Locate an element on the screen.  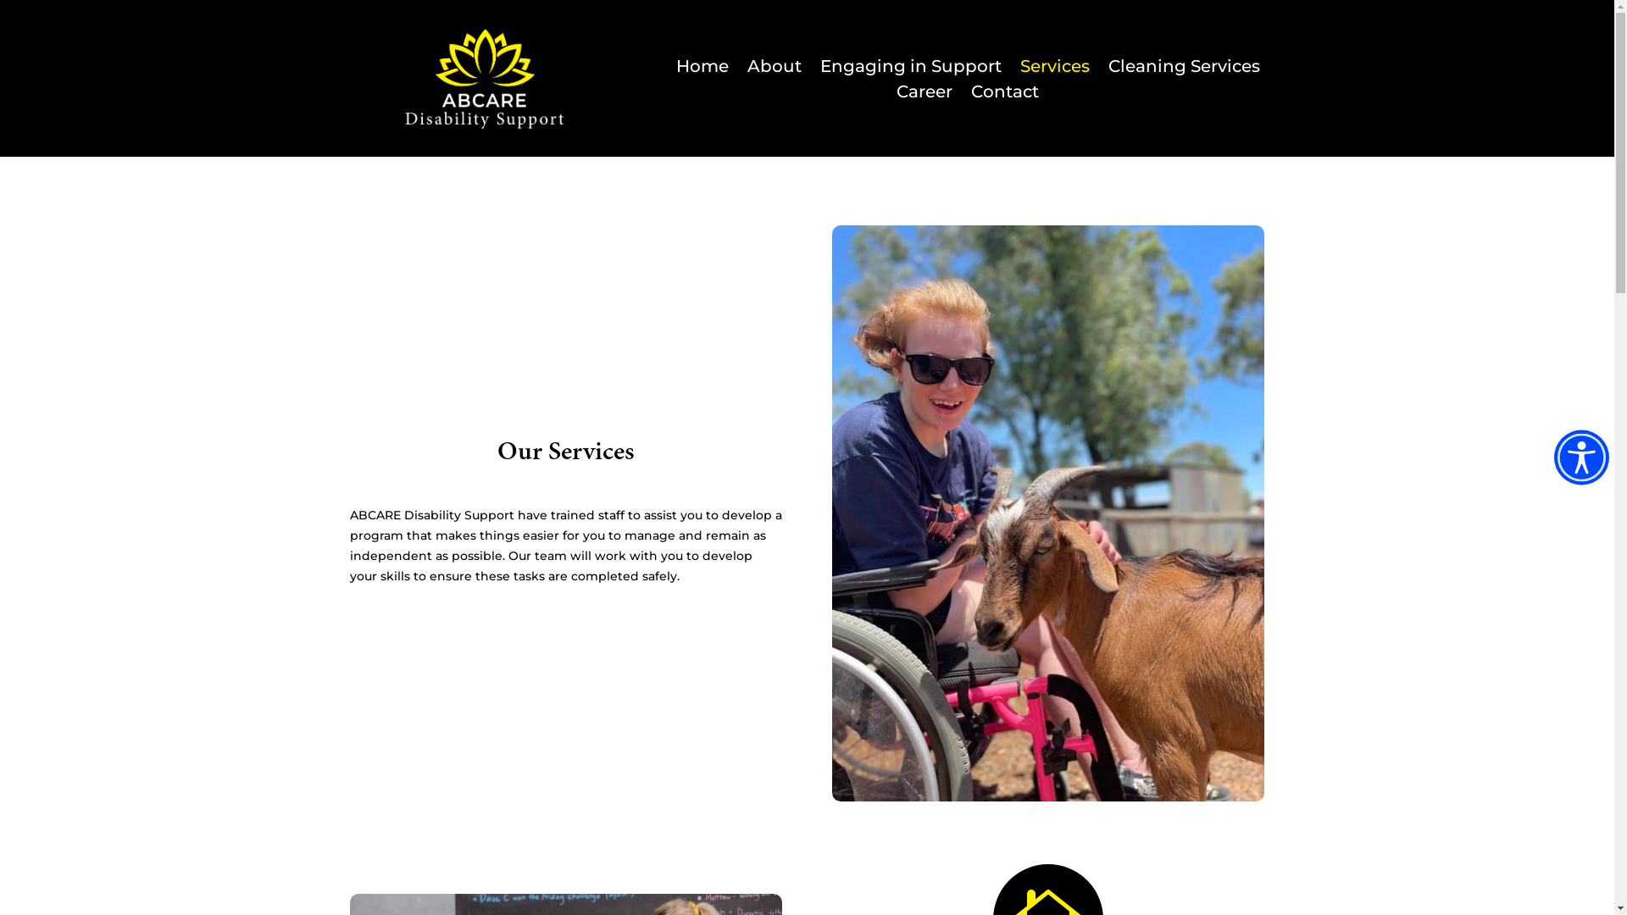
'Engaging in Support' is located at coordinates (910, 68).